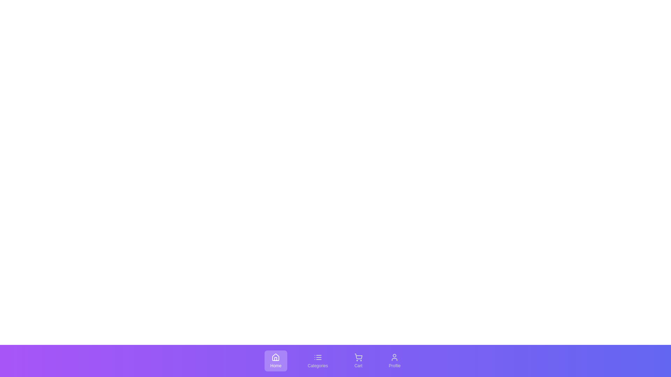  I want to click on the tab corresponding to Cart, so click(358, 361).